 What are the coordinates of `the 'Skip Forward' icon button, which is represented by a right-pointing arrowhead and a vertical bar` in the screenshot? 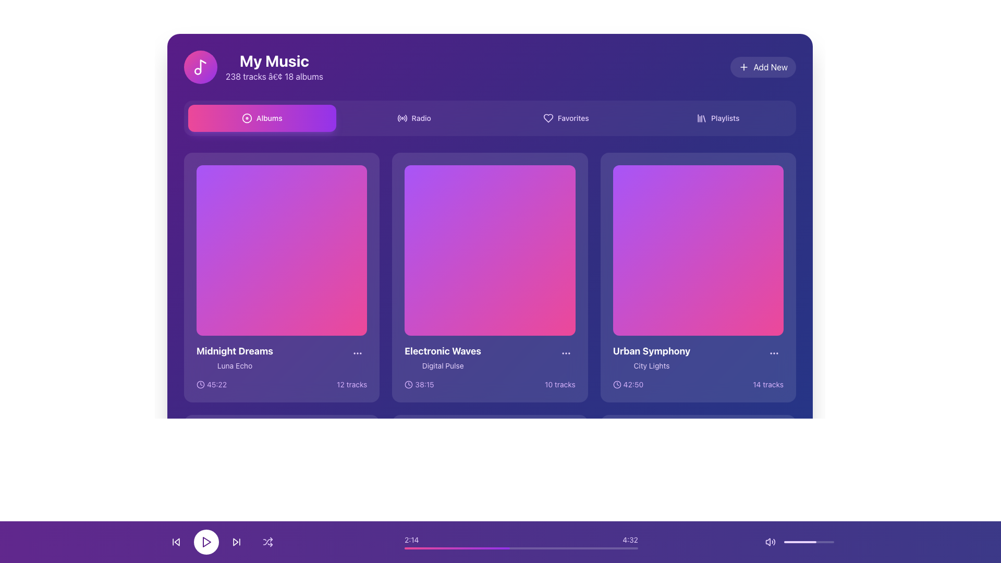 It's located at (236, 542).